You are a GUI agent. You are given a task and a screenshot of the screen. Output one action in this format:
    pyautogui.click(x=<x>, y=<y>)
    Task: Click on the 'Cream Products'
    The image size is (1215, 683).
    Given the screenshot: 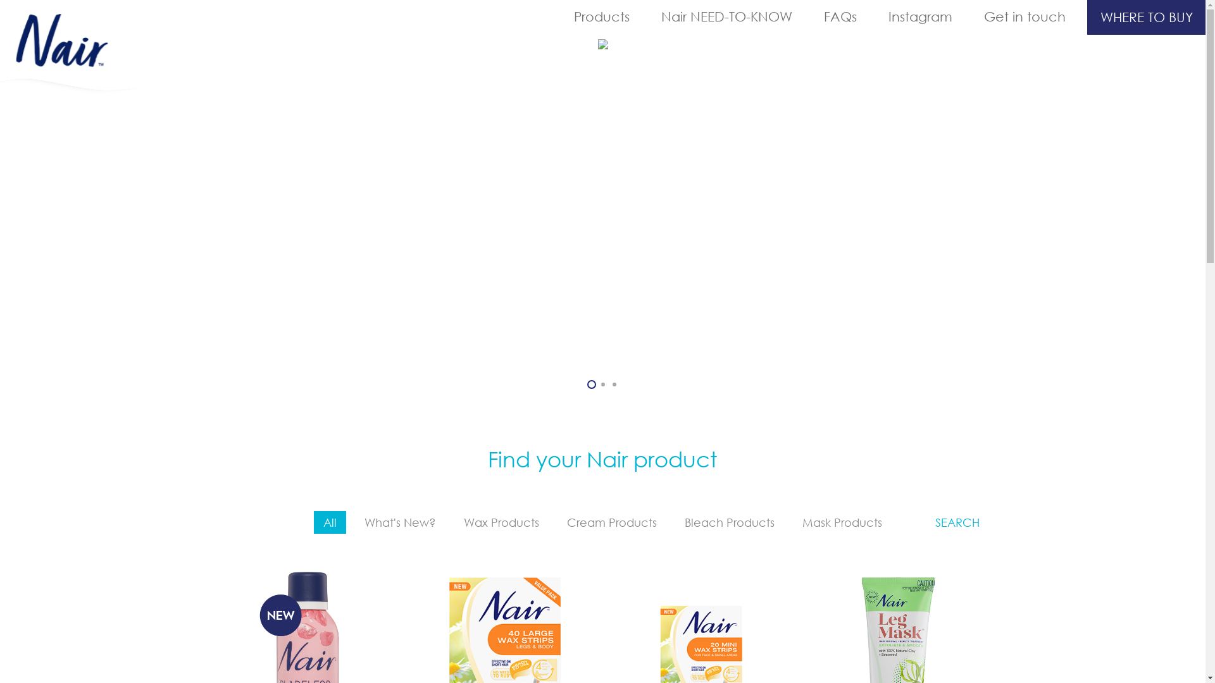 What is the action you would take?
    pyautogui.click(x=611, y=522)
    